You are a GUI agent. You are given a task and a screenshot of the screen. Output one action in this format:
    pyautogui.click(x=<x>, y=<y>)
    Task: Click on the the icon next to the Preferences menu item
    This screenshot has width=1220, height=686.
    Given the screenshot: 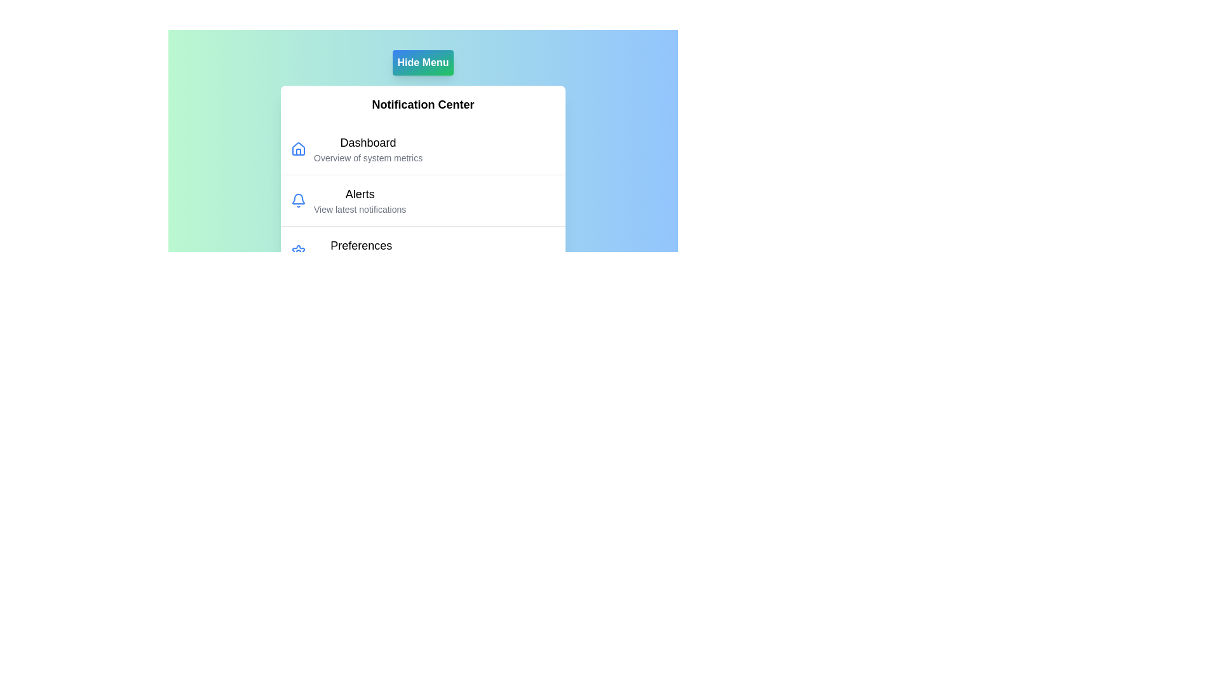 What is the action you would take?
    pyautogui.click(x=298, y=252)
    